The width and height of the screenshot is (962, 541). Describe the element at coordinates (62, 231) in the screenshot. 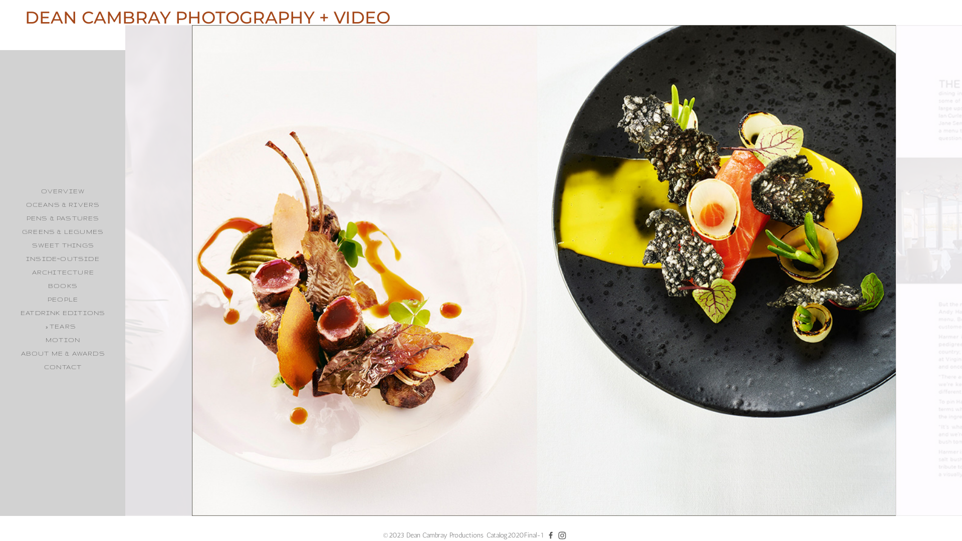

I see `'GREENS & LEGUMES'` at that location.